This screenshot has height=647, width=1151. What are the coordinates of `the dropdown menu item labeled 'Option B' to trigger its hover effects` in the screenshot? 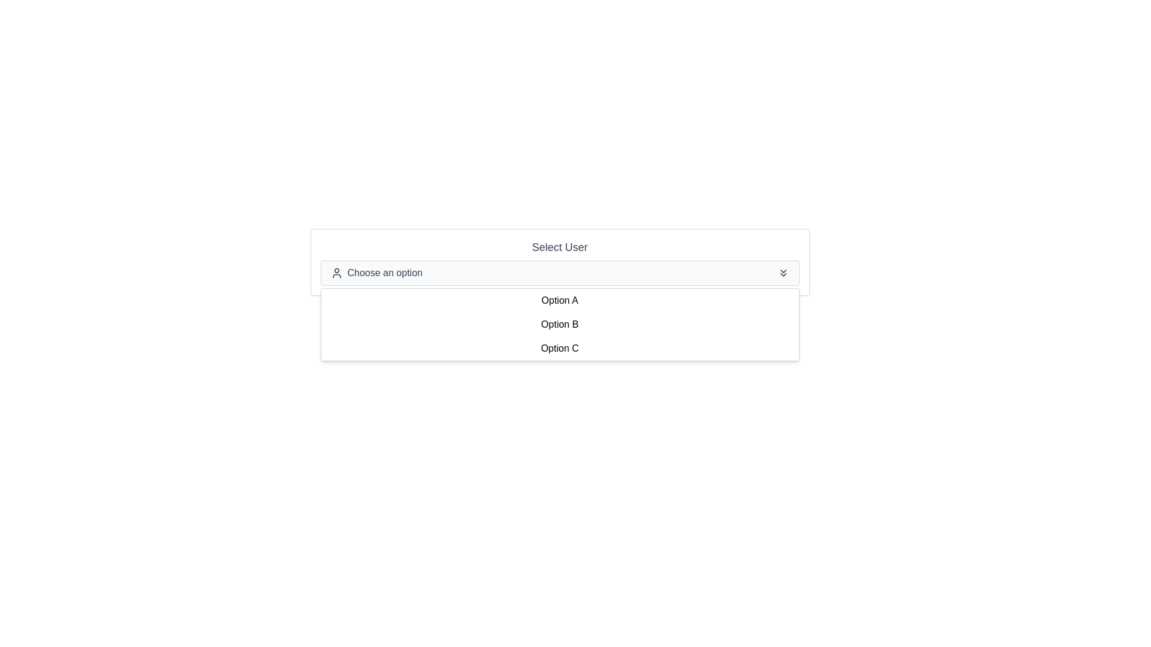 It's located at (559, 325).